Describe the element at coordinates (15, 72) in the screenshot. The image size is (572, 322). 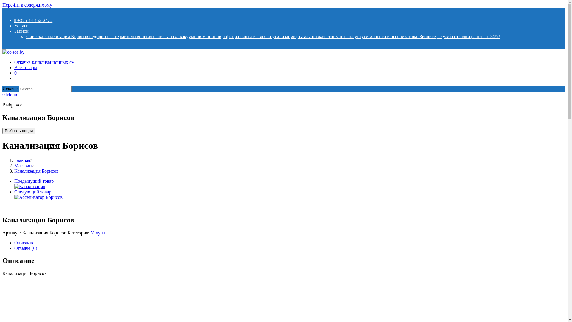
I see `'0'` at that location.